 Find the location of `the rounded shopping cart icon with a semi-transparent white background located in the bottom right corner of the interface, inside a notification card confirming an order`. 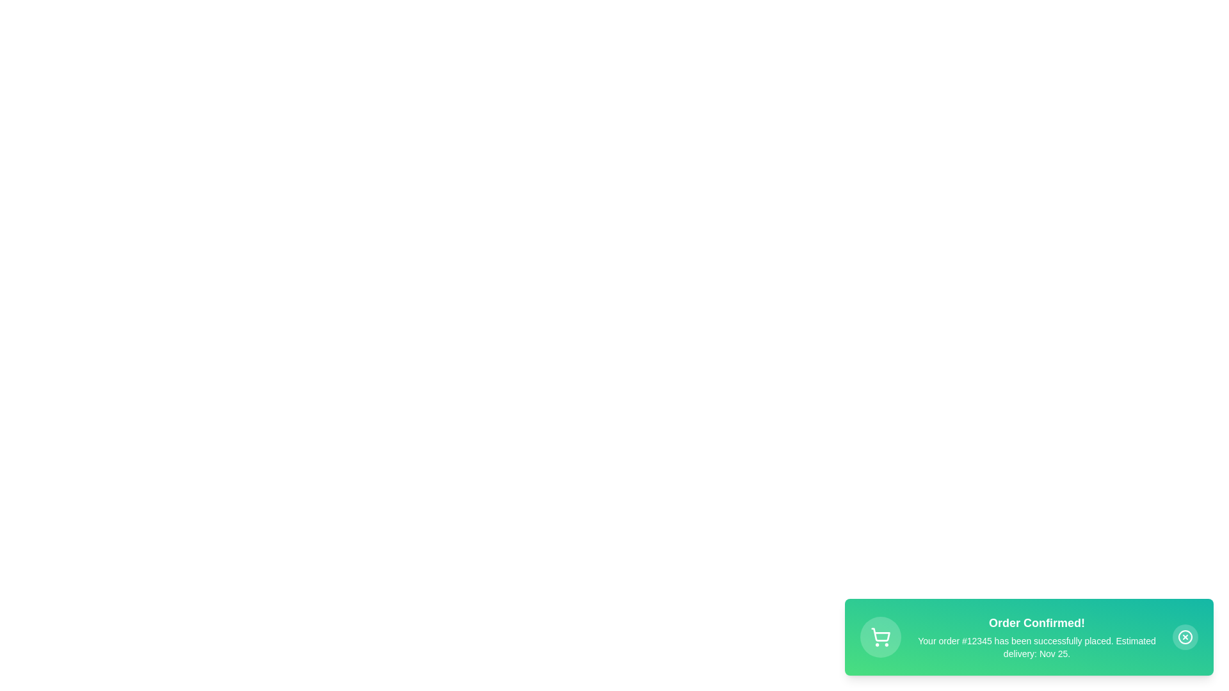

the rounded shopping cart icon with a semi-transparent white background located in the bottom right corner of the interface, inside a notification card confirming an order is located at coordinates (880, 637).